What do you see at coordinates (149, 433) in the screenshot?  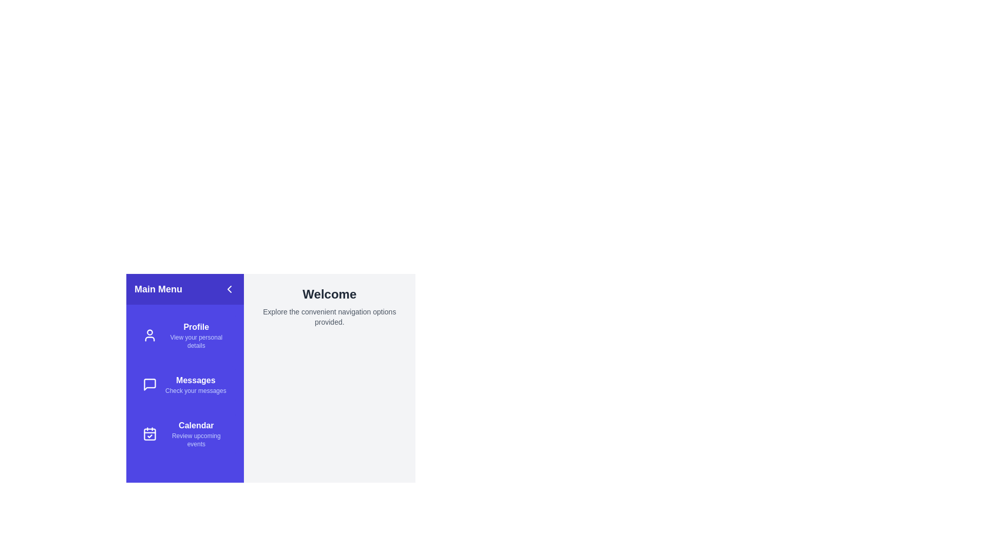 I see `the icon associated with Calendar to reveal its tooltip` at bounding box center [149, 433].